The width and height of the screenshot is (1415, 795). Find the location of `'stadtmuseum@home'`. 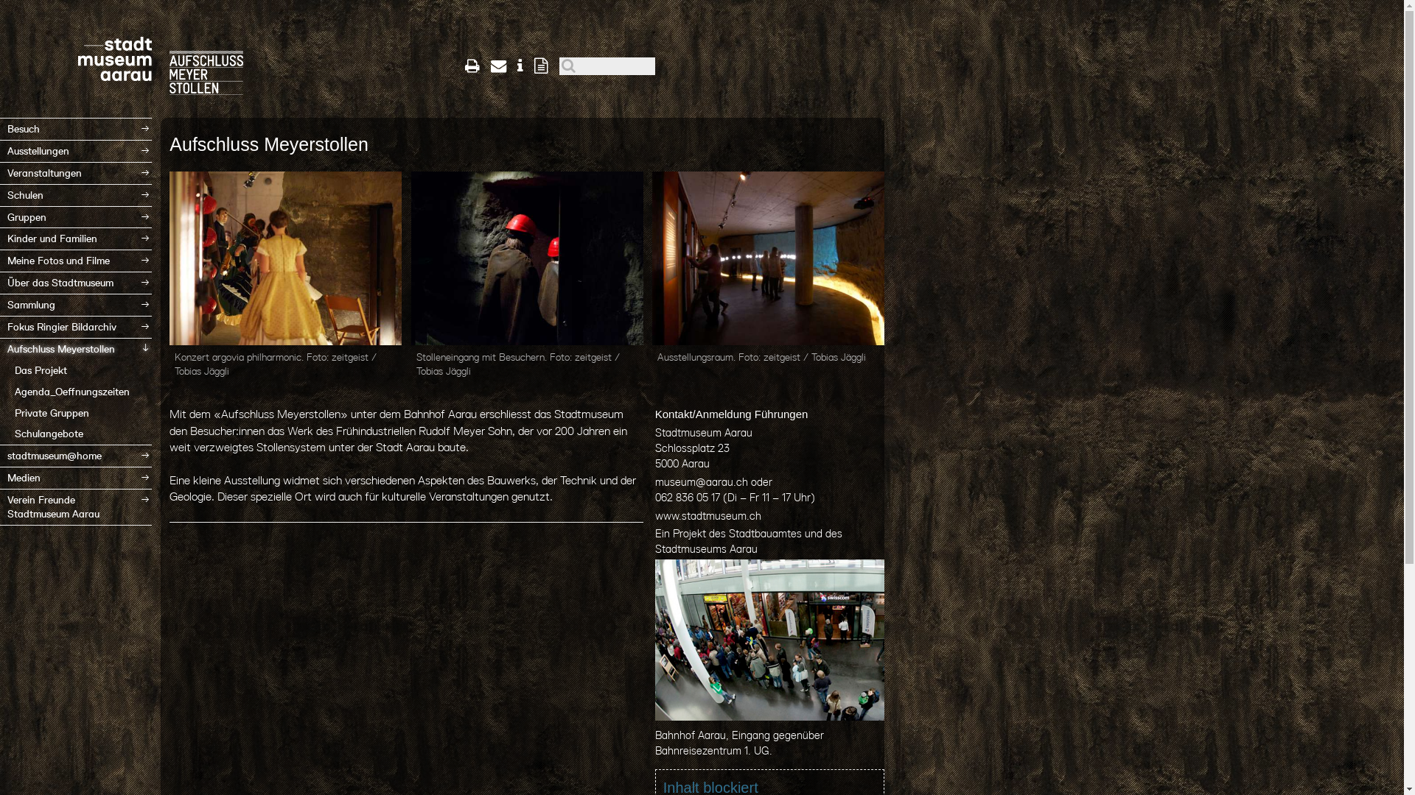

'stadtmuseum@home' is located at coordinates (74, 455).